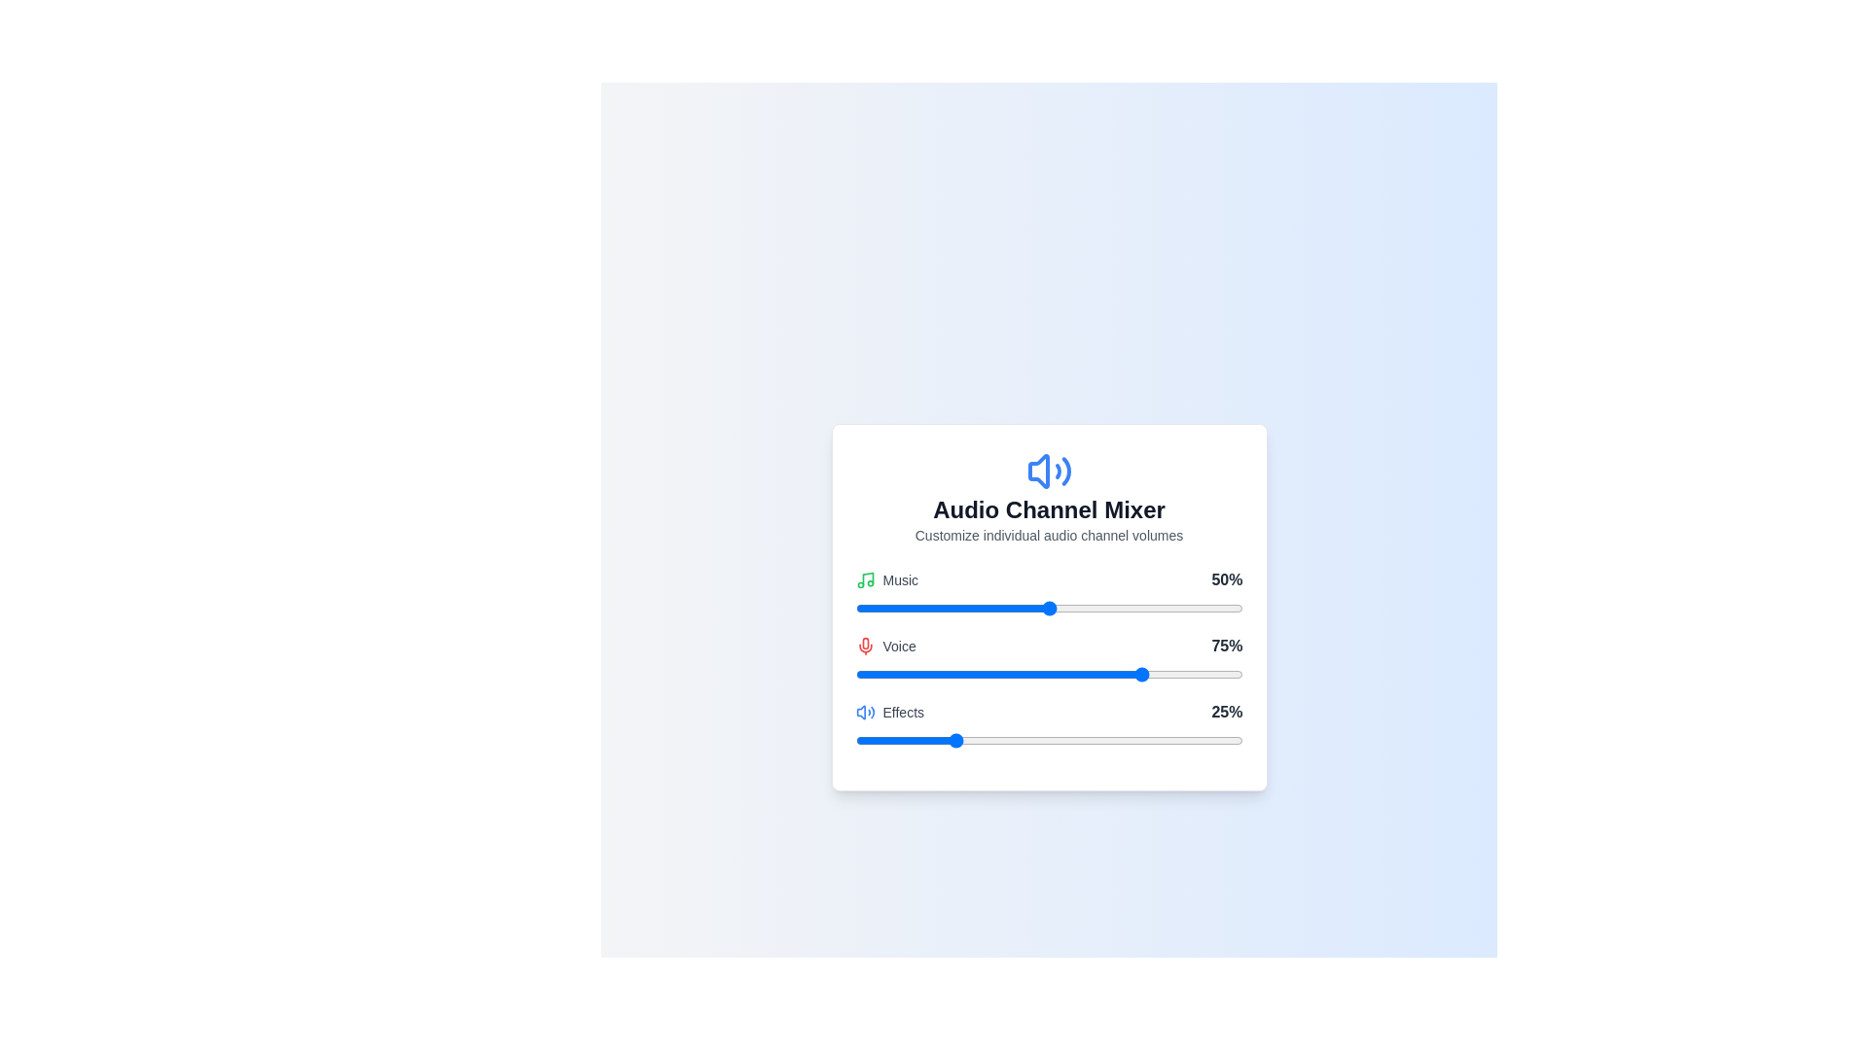 The width and height of the screenshot is (1868, 1050). What do you see at coordinates (1048, 536) in the screenshot?
I see `the descriptive text explaining the functionality of the 'Audio Channel Mixer' feature, which is located below the title and above the sliders for 'Music', 'Voice', and 'Effects'` at bounding box center [1048, 536].